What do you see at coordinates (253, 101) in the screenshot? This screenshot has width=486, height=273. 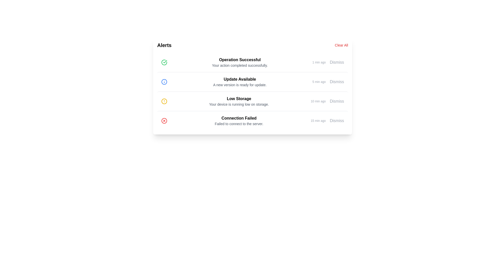 I see `the Notification Alert that indicates low storage, located as the third notification in the list, between 'Update Available' and 'Connection Failed'` at bounding box center [253, 101].